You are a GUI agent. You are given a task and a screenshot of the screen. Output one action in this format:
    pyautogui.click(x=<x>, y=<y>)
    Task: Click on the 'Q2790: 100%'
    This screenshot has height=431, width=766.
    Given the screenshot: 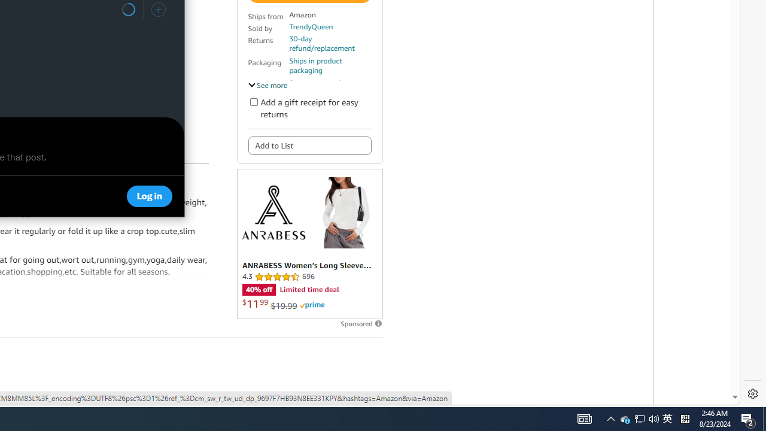 What is the action you would take?
    pyautogui.click(x=653, y=418)
    